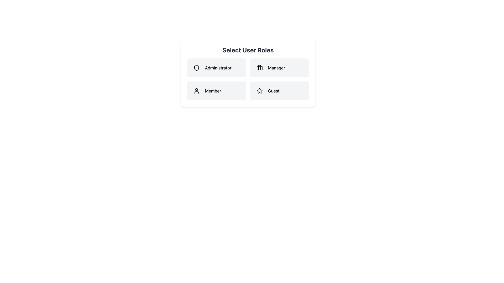 The height and width of the screenshot is (283, 504). I want to click on the 'Administrator' role icon located in the top left quadrant of the user role options grid, which is above the text 'Administrator', so click(196, 67).